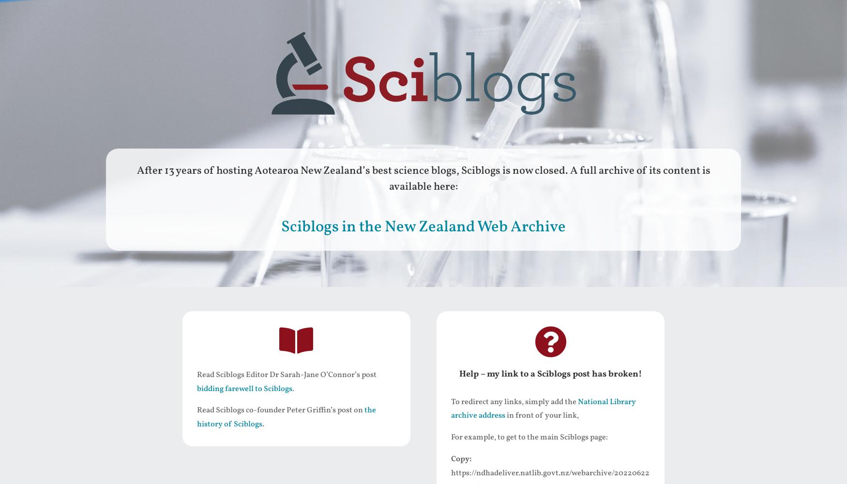  I want to click on 'Read Sciblogs Editor Dr Sarah-Jane O’Connor’s post', so click(287, 375).